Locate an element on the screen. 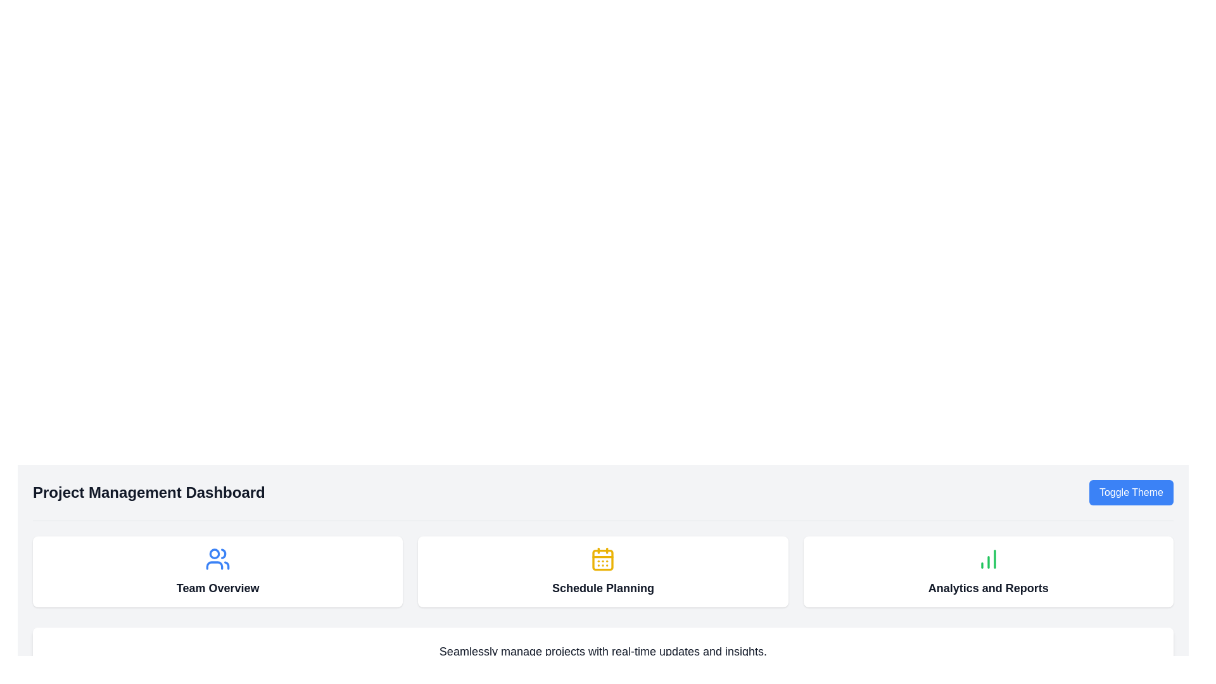  the analytics icon located is located at coordinates (987, 559).